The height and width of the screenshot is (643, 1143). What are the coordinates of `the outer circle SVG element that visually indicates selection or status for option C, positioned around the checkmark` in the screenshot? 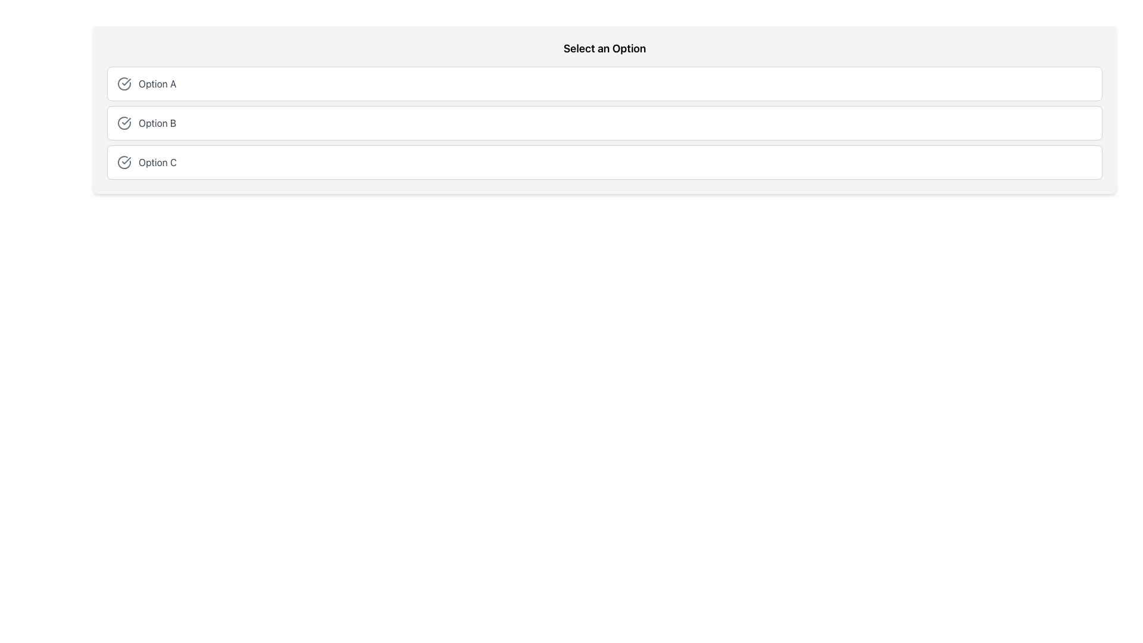 It's located at (124, 163).